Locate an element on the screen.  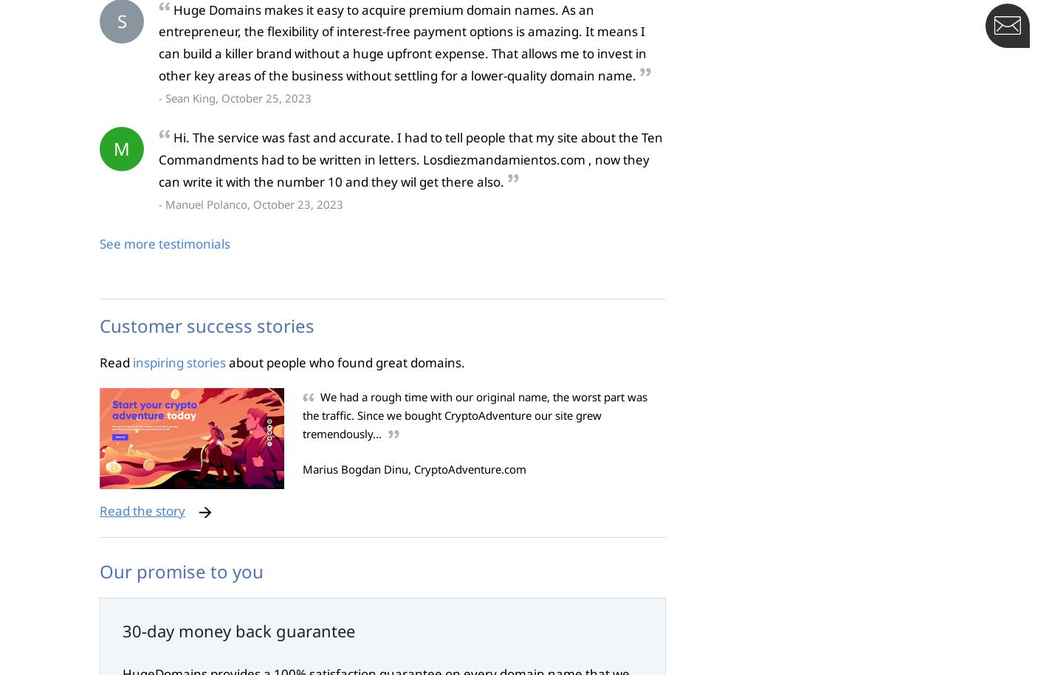
'30-day money back guarantee' is located at coordinates (238, 629).